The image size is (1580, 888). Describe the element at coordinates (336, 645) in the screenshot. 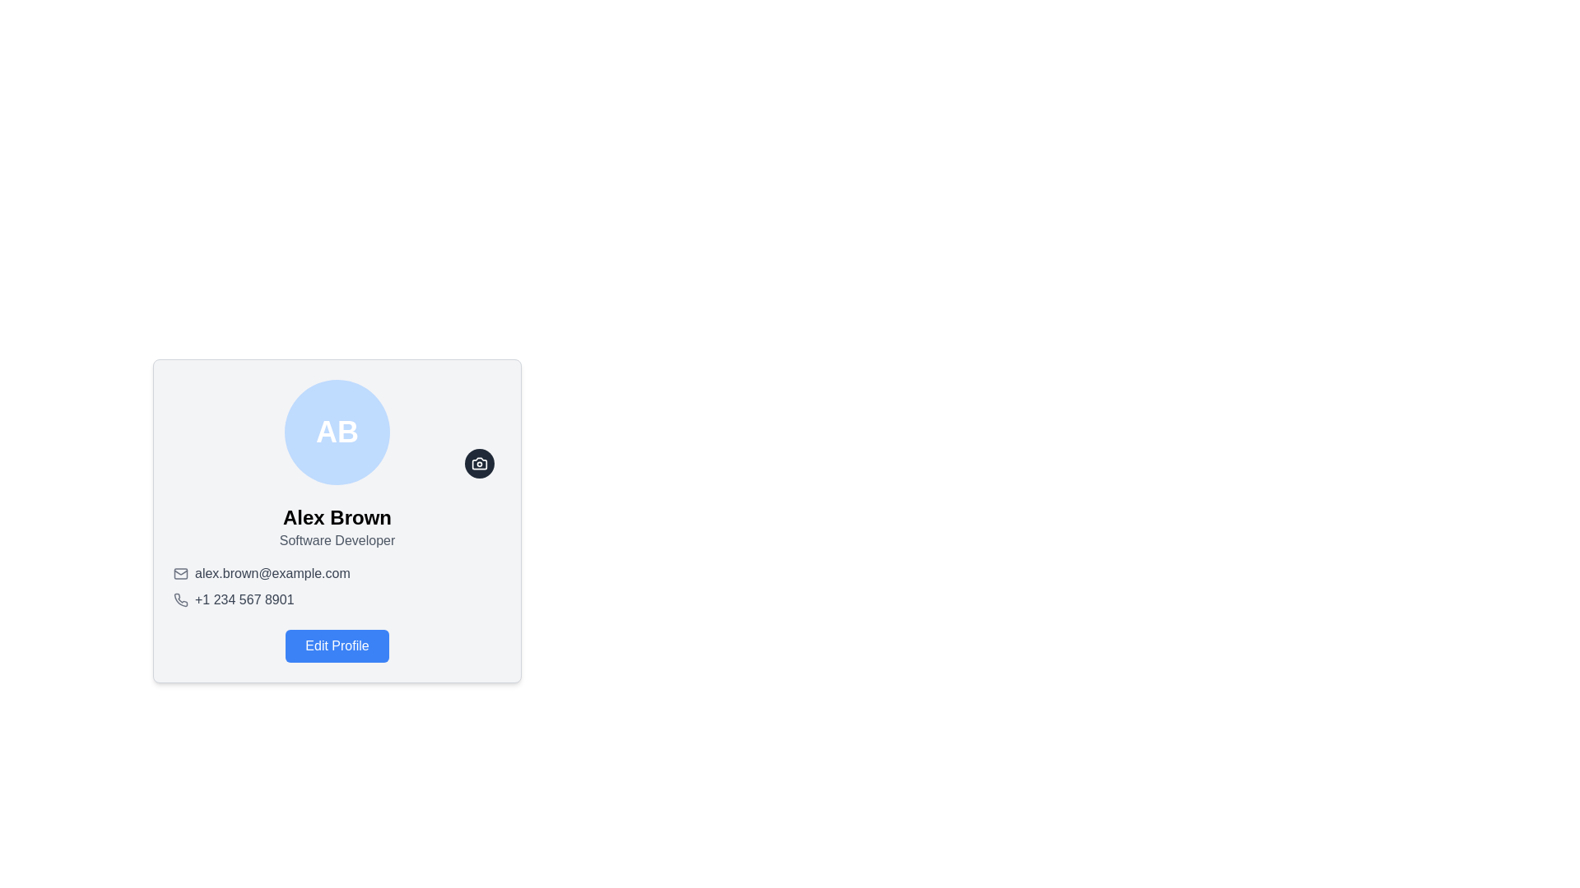

I see `the rectangular blue button labeled 'Edit Profile' that is located centrally below the email and phone number in the user profile card` at that location.